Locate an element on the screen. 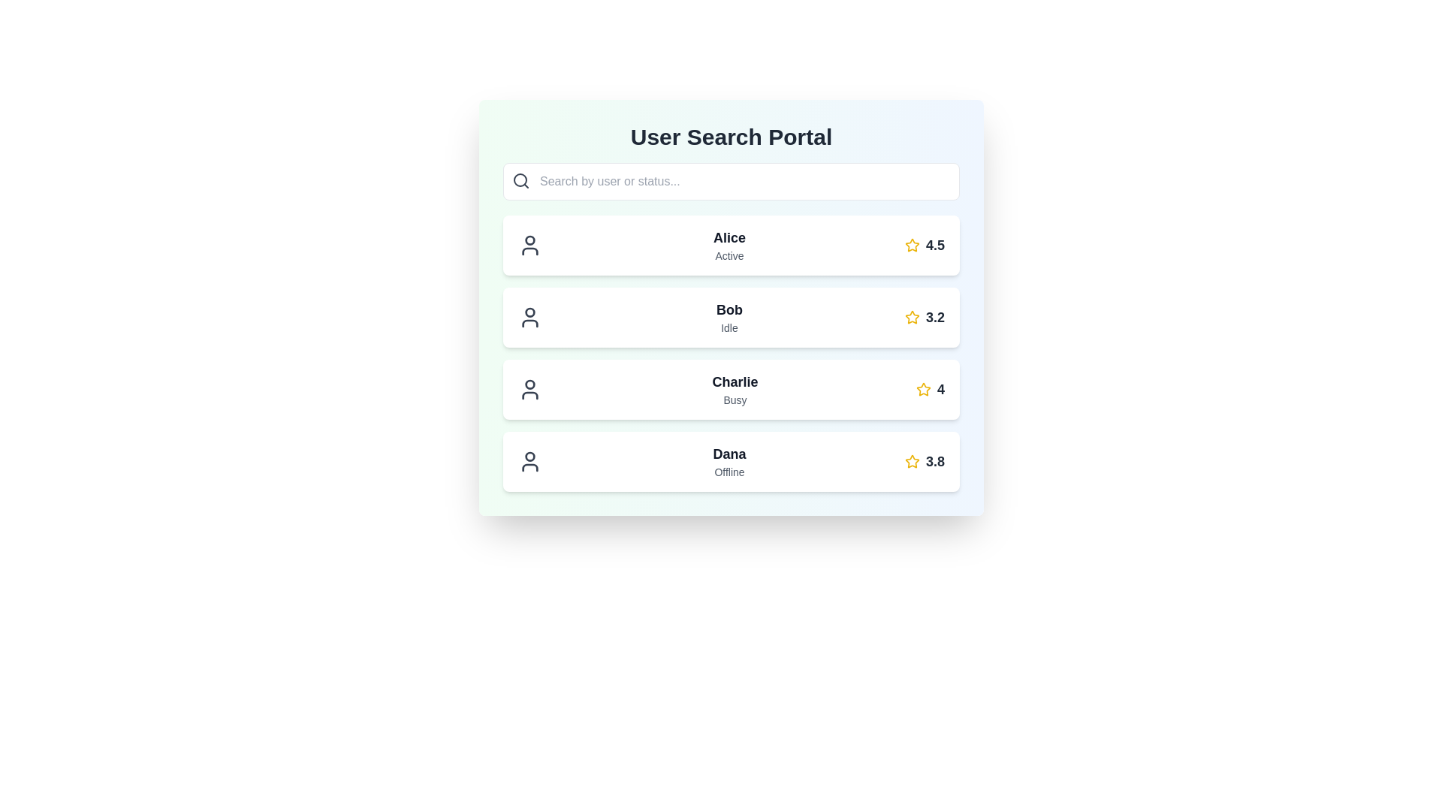 The width and height of the screenshot is (1442, 811). the rating score icon for user 'Dana', which is located at the right end of the row corresponding to her in the user list is located at coordinates (911, 460).